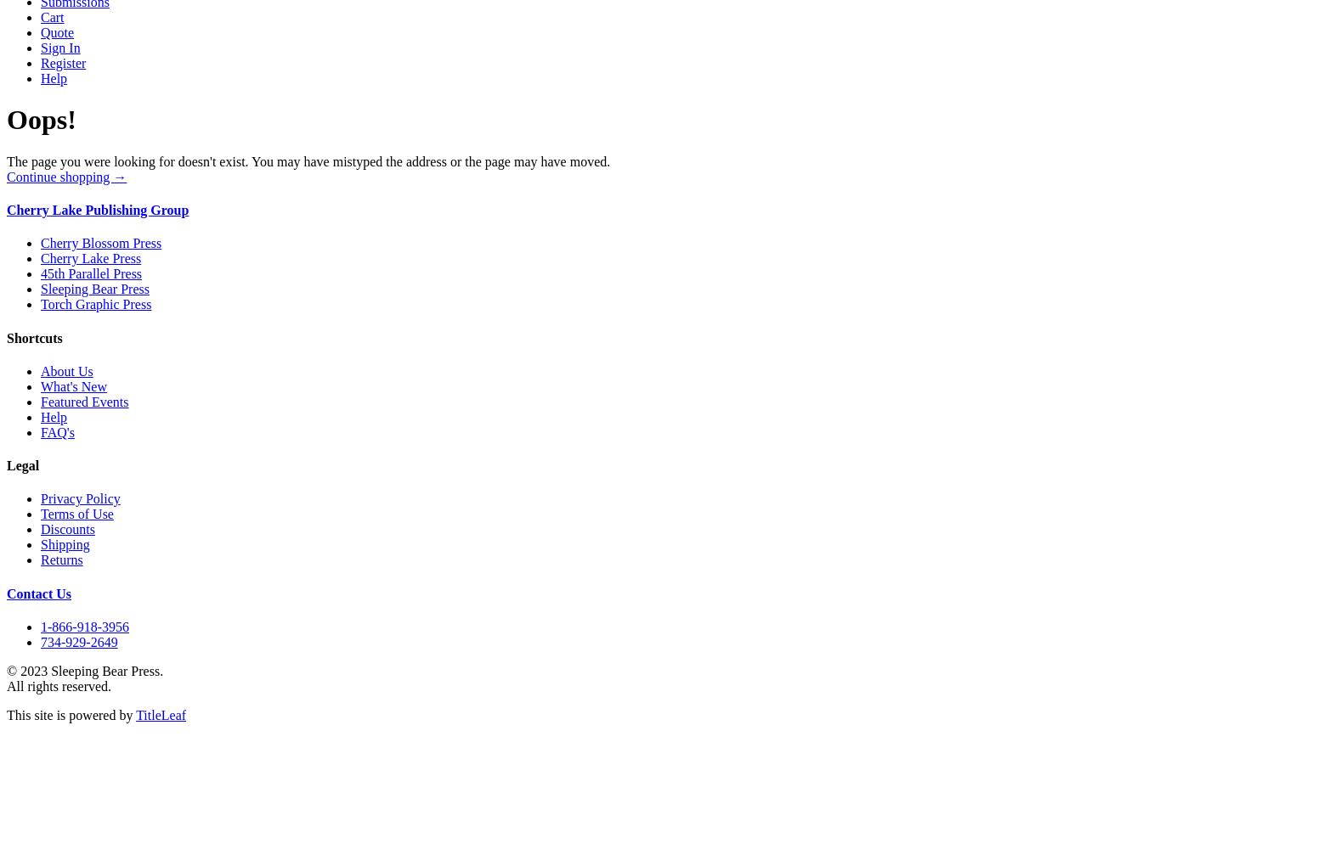 Image resolution: width=1317 pixels, height=849 pixels. I want to click on 'TitleLeaf', so click(160, 713).